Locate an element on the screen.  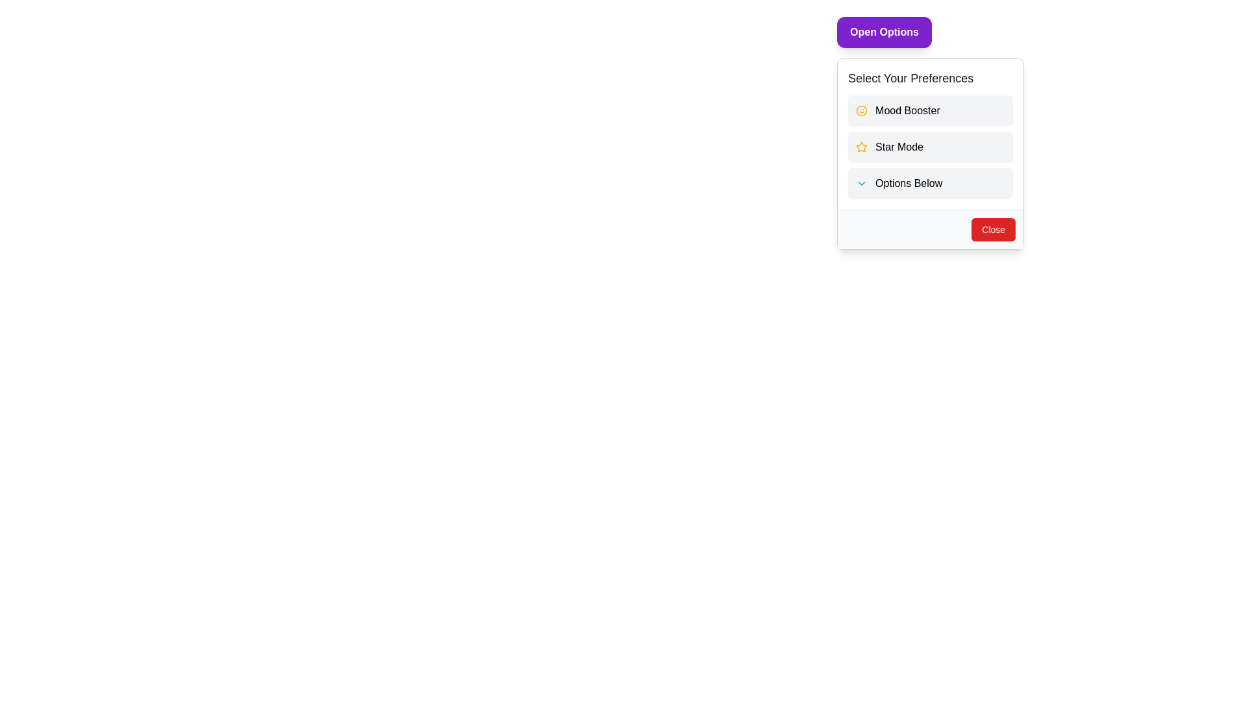
the downward-pointing blue chevron icon indicating a dropdown, located to the left of the 'Options Below' text in the rectangular button, for keyboard navigation is located at coordinates (862, 183).